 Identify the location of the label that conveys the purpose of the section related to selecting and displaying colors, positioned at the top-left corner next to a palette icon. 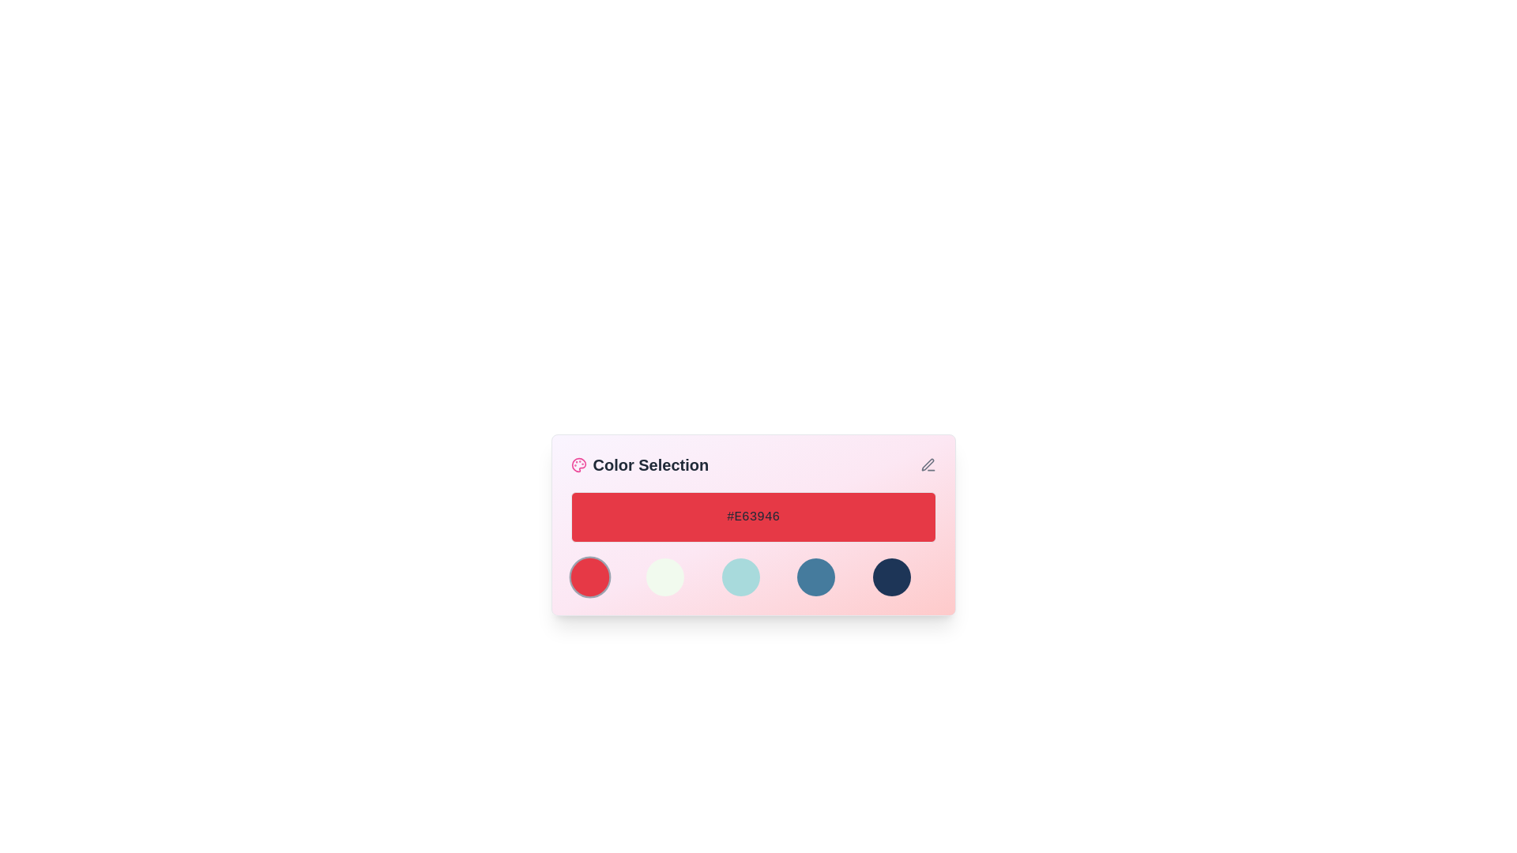
(639, 464).